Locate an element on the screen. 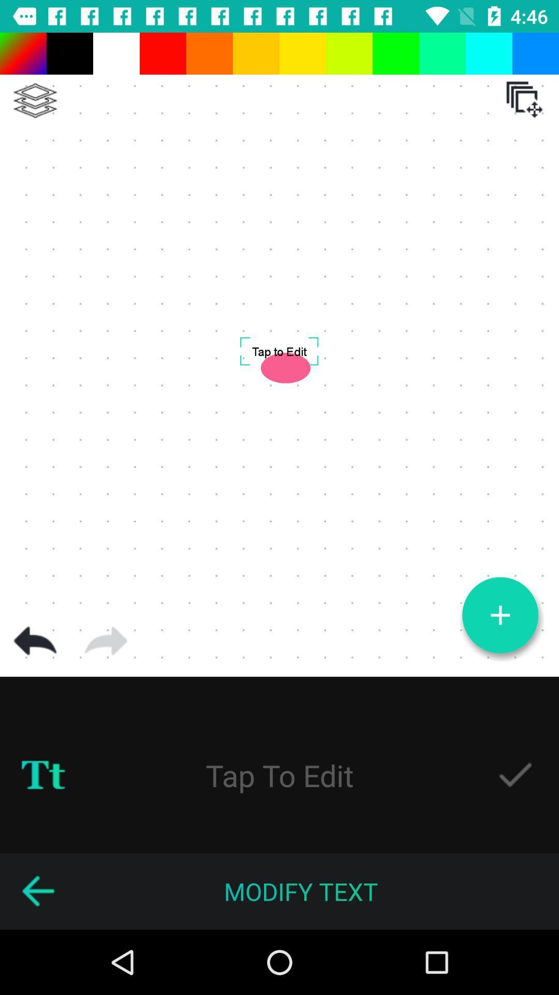 Image resolution: width=559 pixels, height=995 pixels. font is located at coordinates (43, 775).